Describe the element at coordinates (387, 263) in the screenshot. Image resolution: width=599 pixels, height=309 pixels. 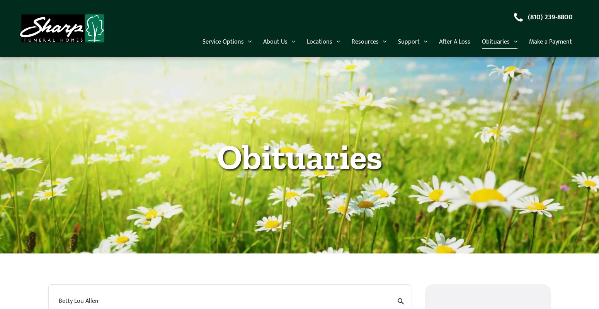
I see `'Social Security Benefits'` at that location.